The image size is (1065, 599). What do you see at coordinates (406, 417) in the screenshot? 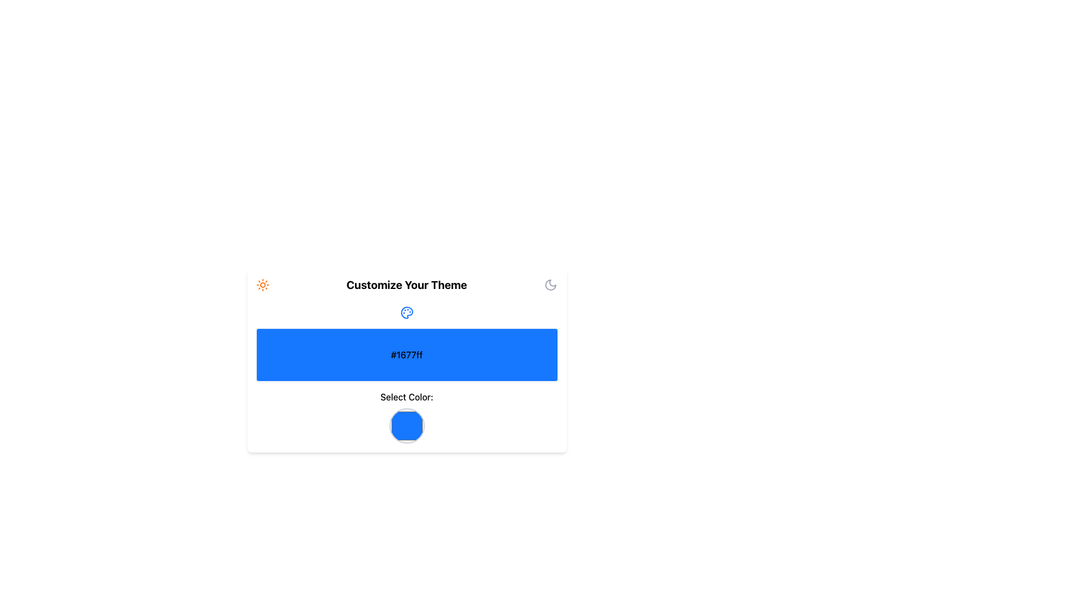
I see `the circular color selector with a gray border and blue fill located at the bottom of the card` at bounding box center [406, 417].